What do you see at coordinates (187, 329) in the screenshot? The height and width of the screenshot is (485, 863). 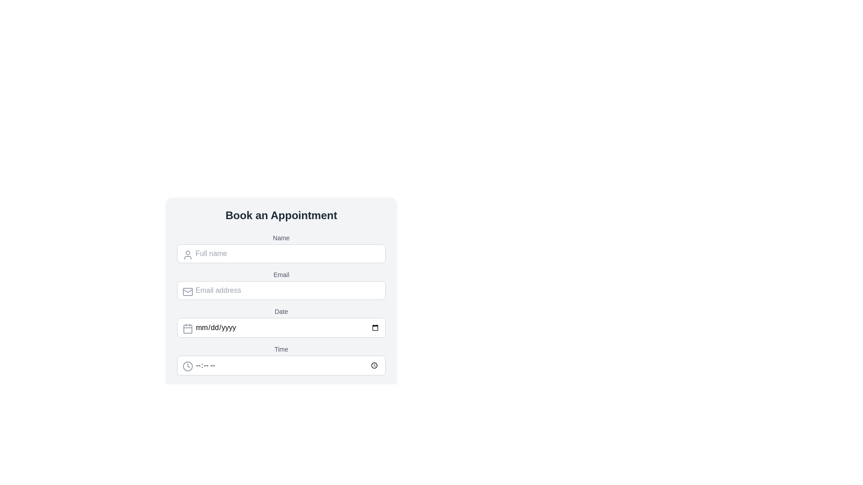 I see `the date icon located in the 'Date' section of the 'Book an Appointment' form` at bounding box center [187, 329].